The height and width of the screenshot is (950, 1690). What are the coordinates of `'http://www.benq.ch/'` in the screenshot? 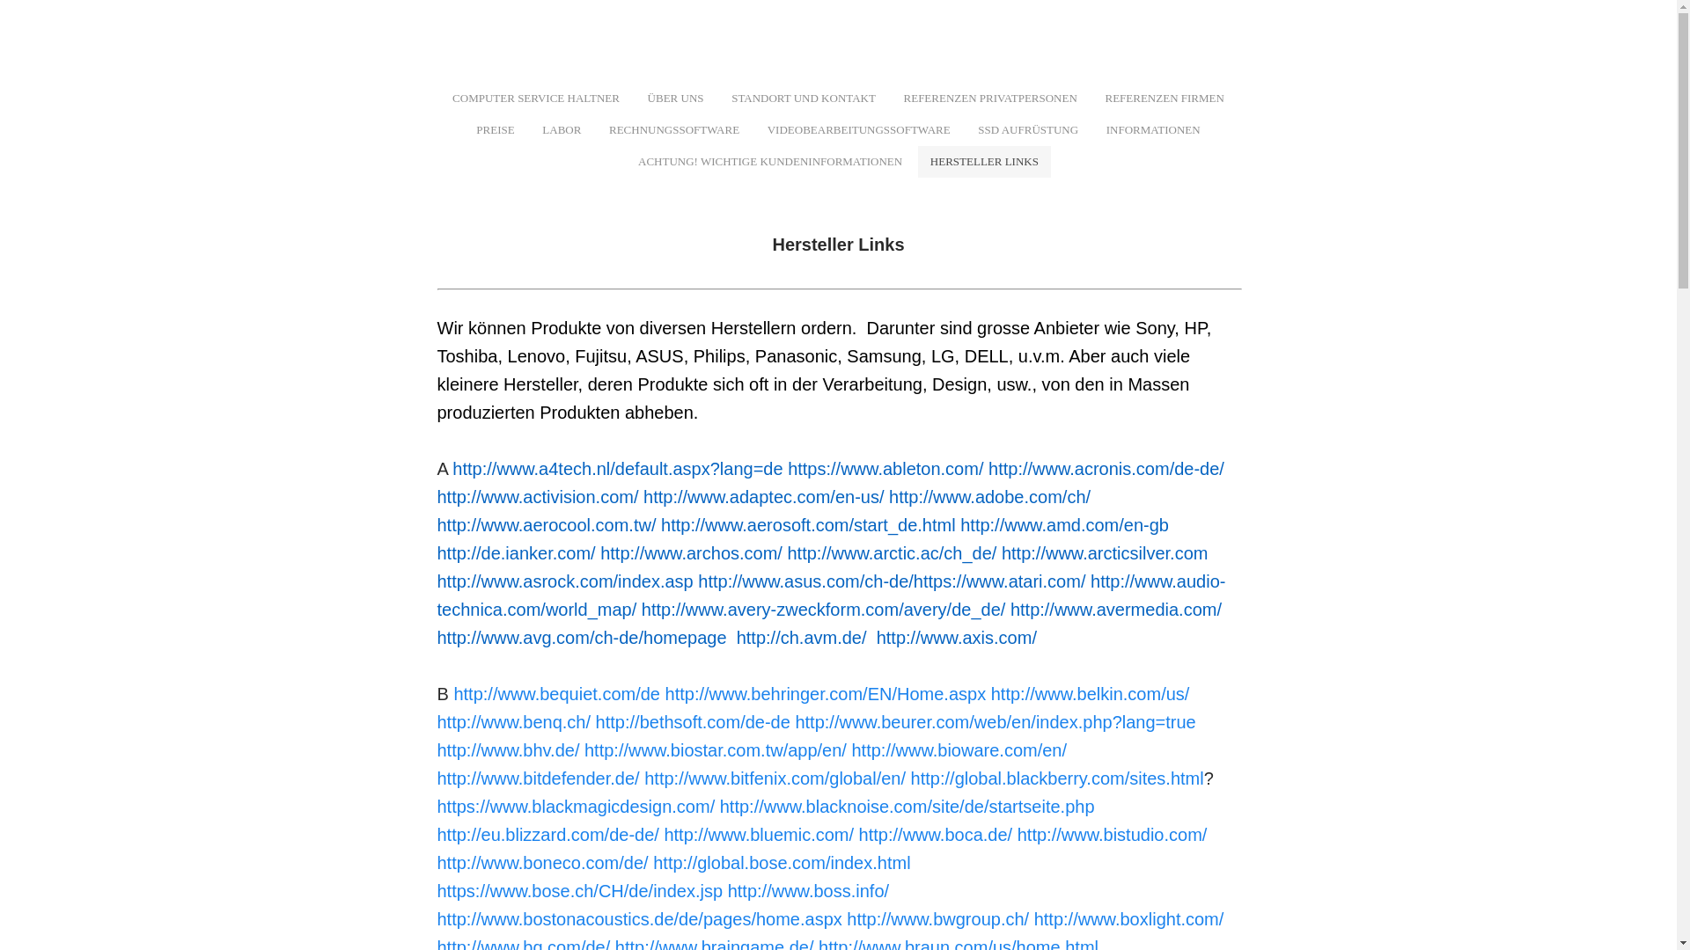 It's located at (512, 722).